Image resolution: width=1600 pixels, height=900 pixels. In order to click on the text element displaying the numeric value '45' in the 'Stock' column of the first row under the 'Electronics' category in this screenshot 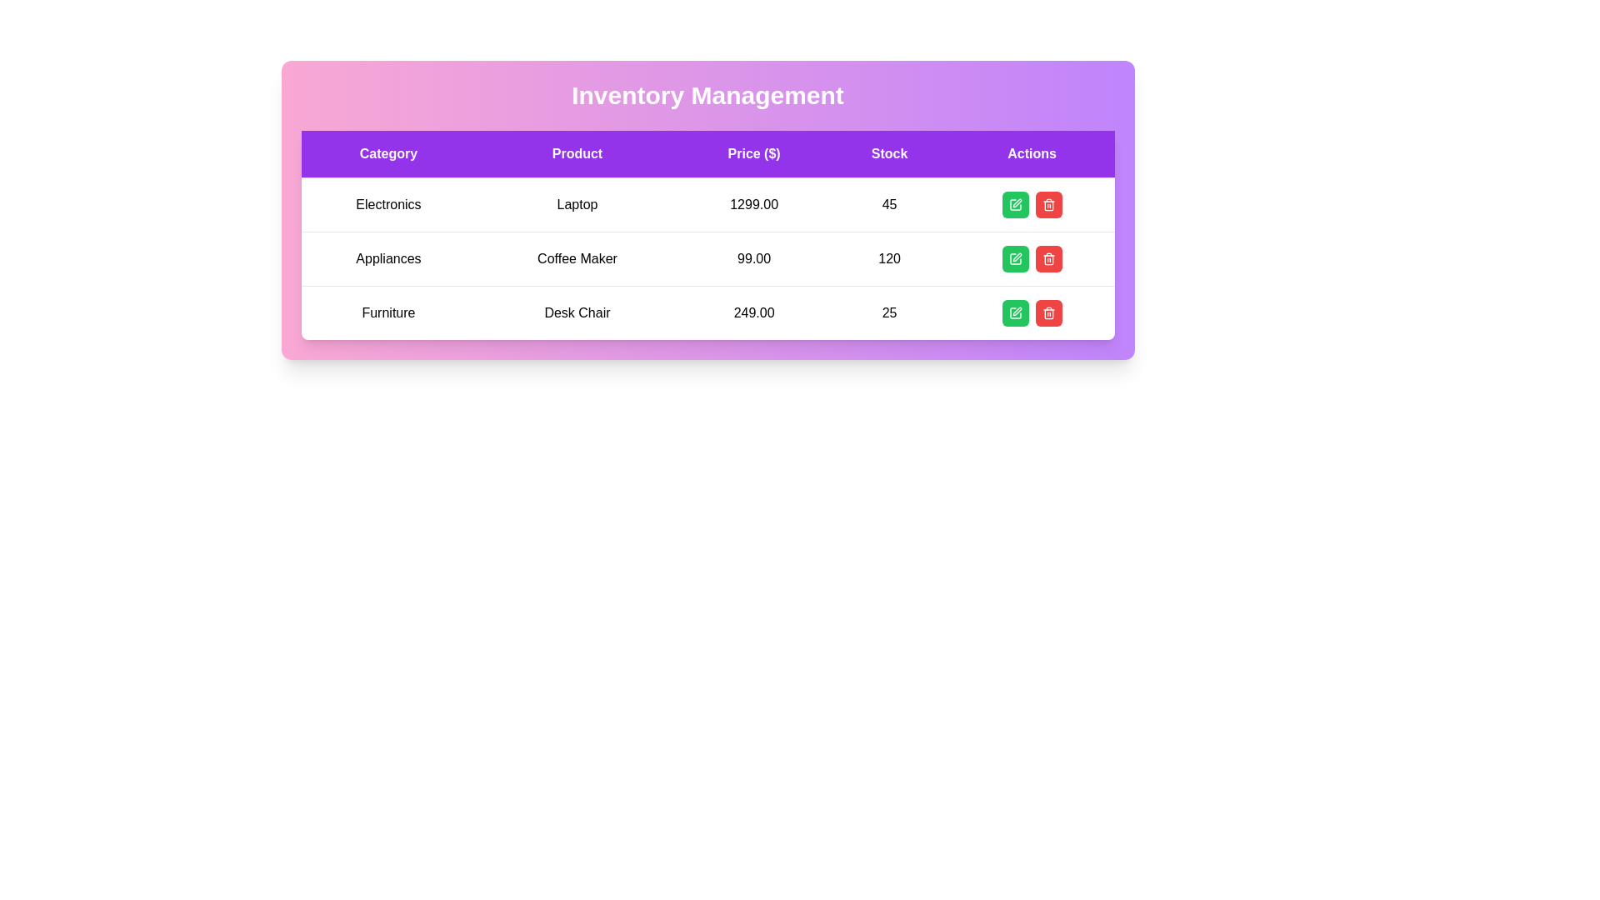, I will do `click(888, 204)`.